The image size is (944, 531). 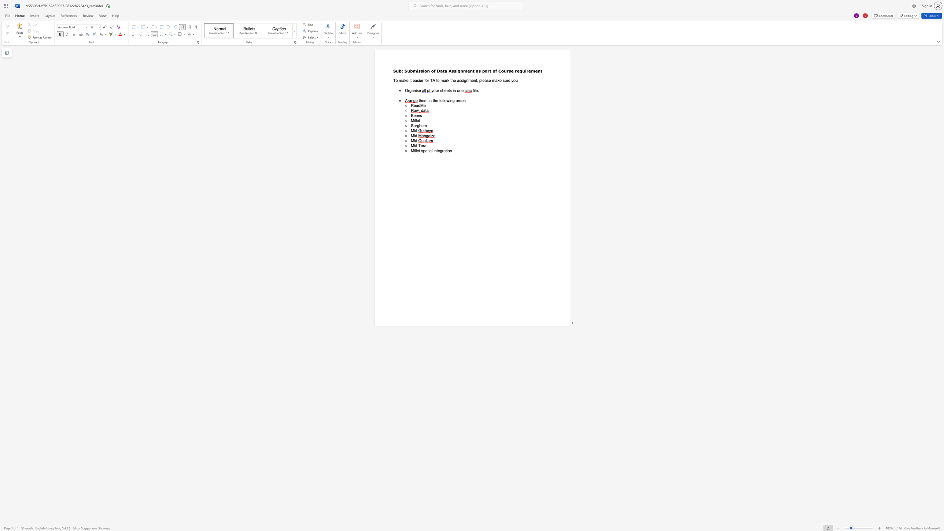 What do you see at coordinates (471, 80) in the screenshot?
I see `the subset text "ent, please make sure yo" within the text "To make it easier for TA to mark the assignment, please make sure you"` at bounding box center [471, 80].